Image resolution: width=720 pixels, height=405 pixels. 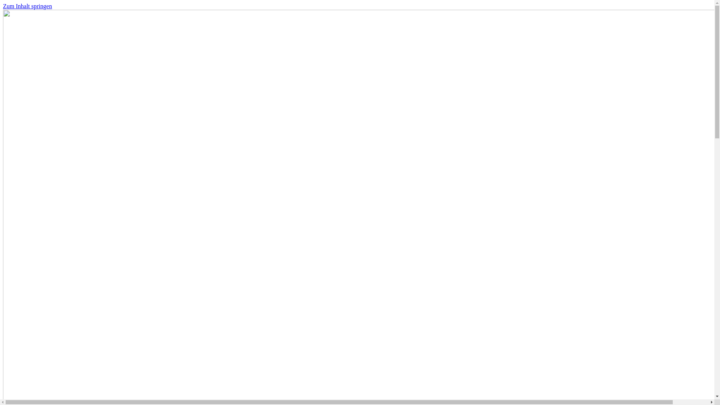 I want to click on 'Zum Inhalt springen', so click(x=27, y=6).